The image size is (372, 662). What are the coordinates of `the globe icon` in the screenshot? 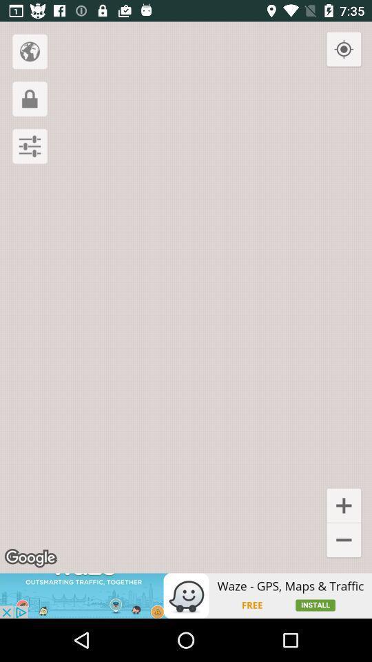 It's located at (30, 51).